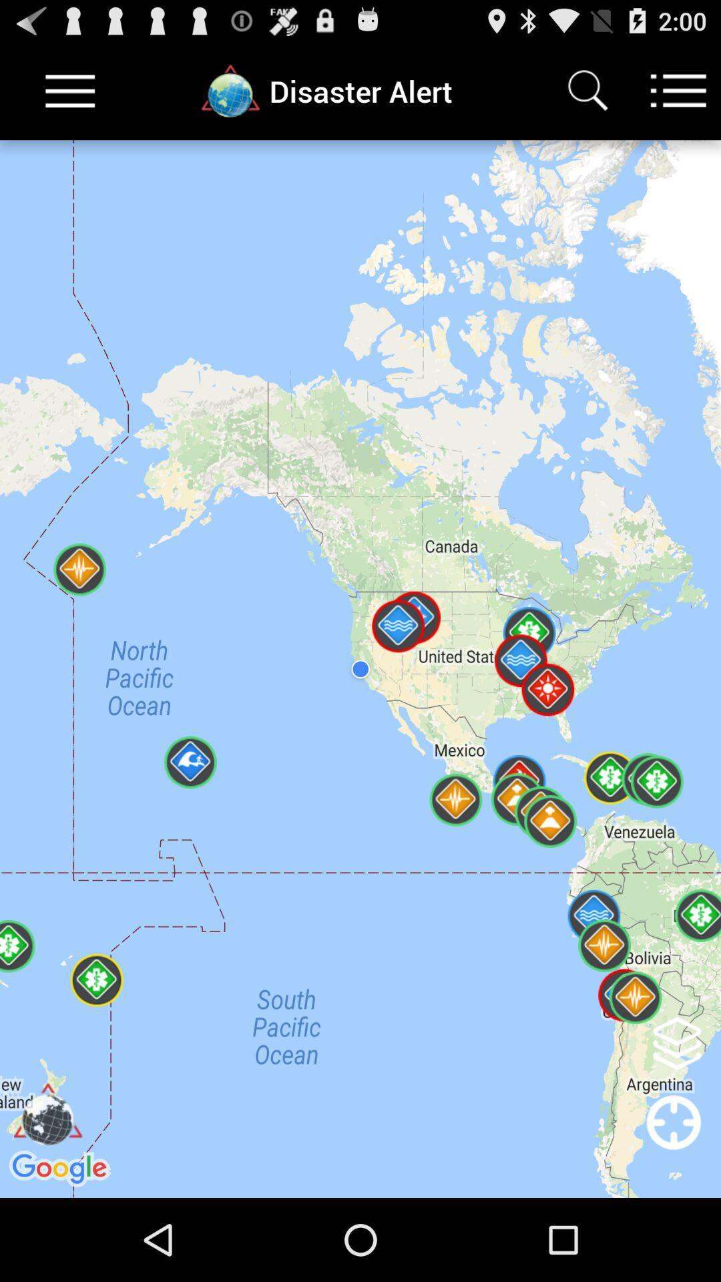 Image resolution: width=721 pixels, height=1282 pixels. Describe the element at coordinates (587, 90) in the screenshot. I see `the item to the right of disaster alert` at that location.